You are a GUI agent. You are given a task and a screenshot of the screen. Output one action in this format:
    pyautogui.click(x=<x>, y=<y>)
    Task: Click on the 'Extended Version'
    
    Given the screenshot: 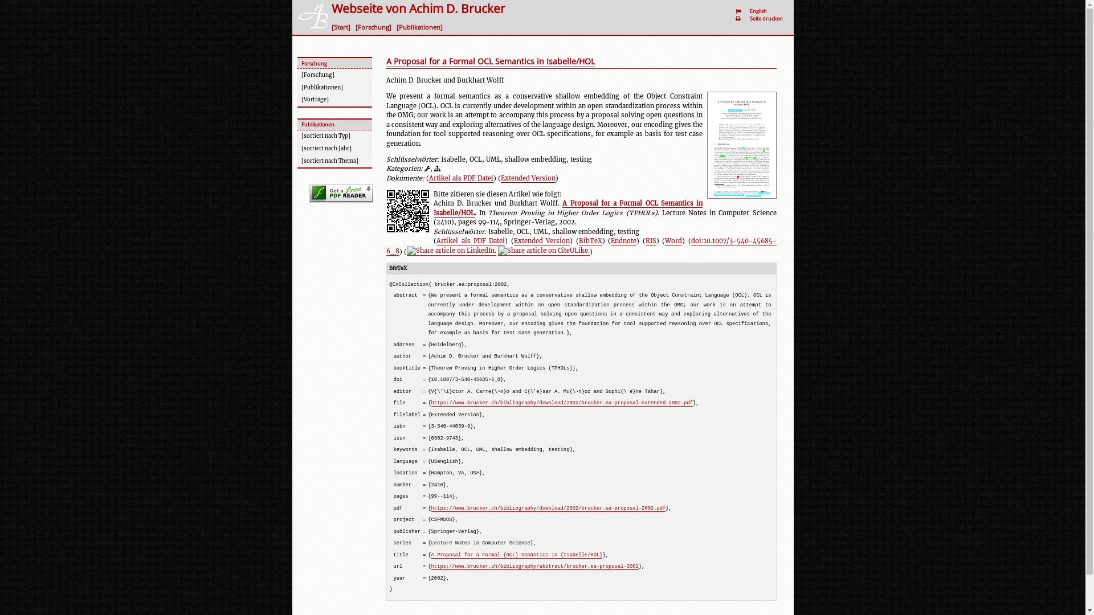 What is the action you would take?
    pyautogui.click(x=527, y=178)
    